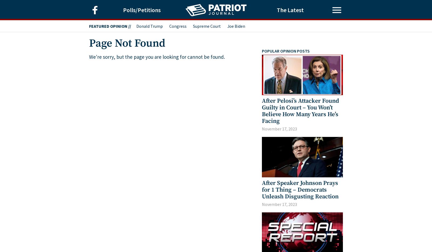  Describe the element at coordinates (149, 26) in the screenshot. I see `'Donald Trump'` at that location.